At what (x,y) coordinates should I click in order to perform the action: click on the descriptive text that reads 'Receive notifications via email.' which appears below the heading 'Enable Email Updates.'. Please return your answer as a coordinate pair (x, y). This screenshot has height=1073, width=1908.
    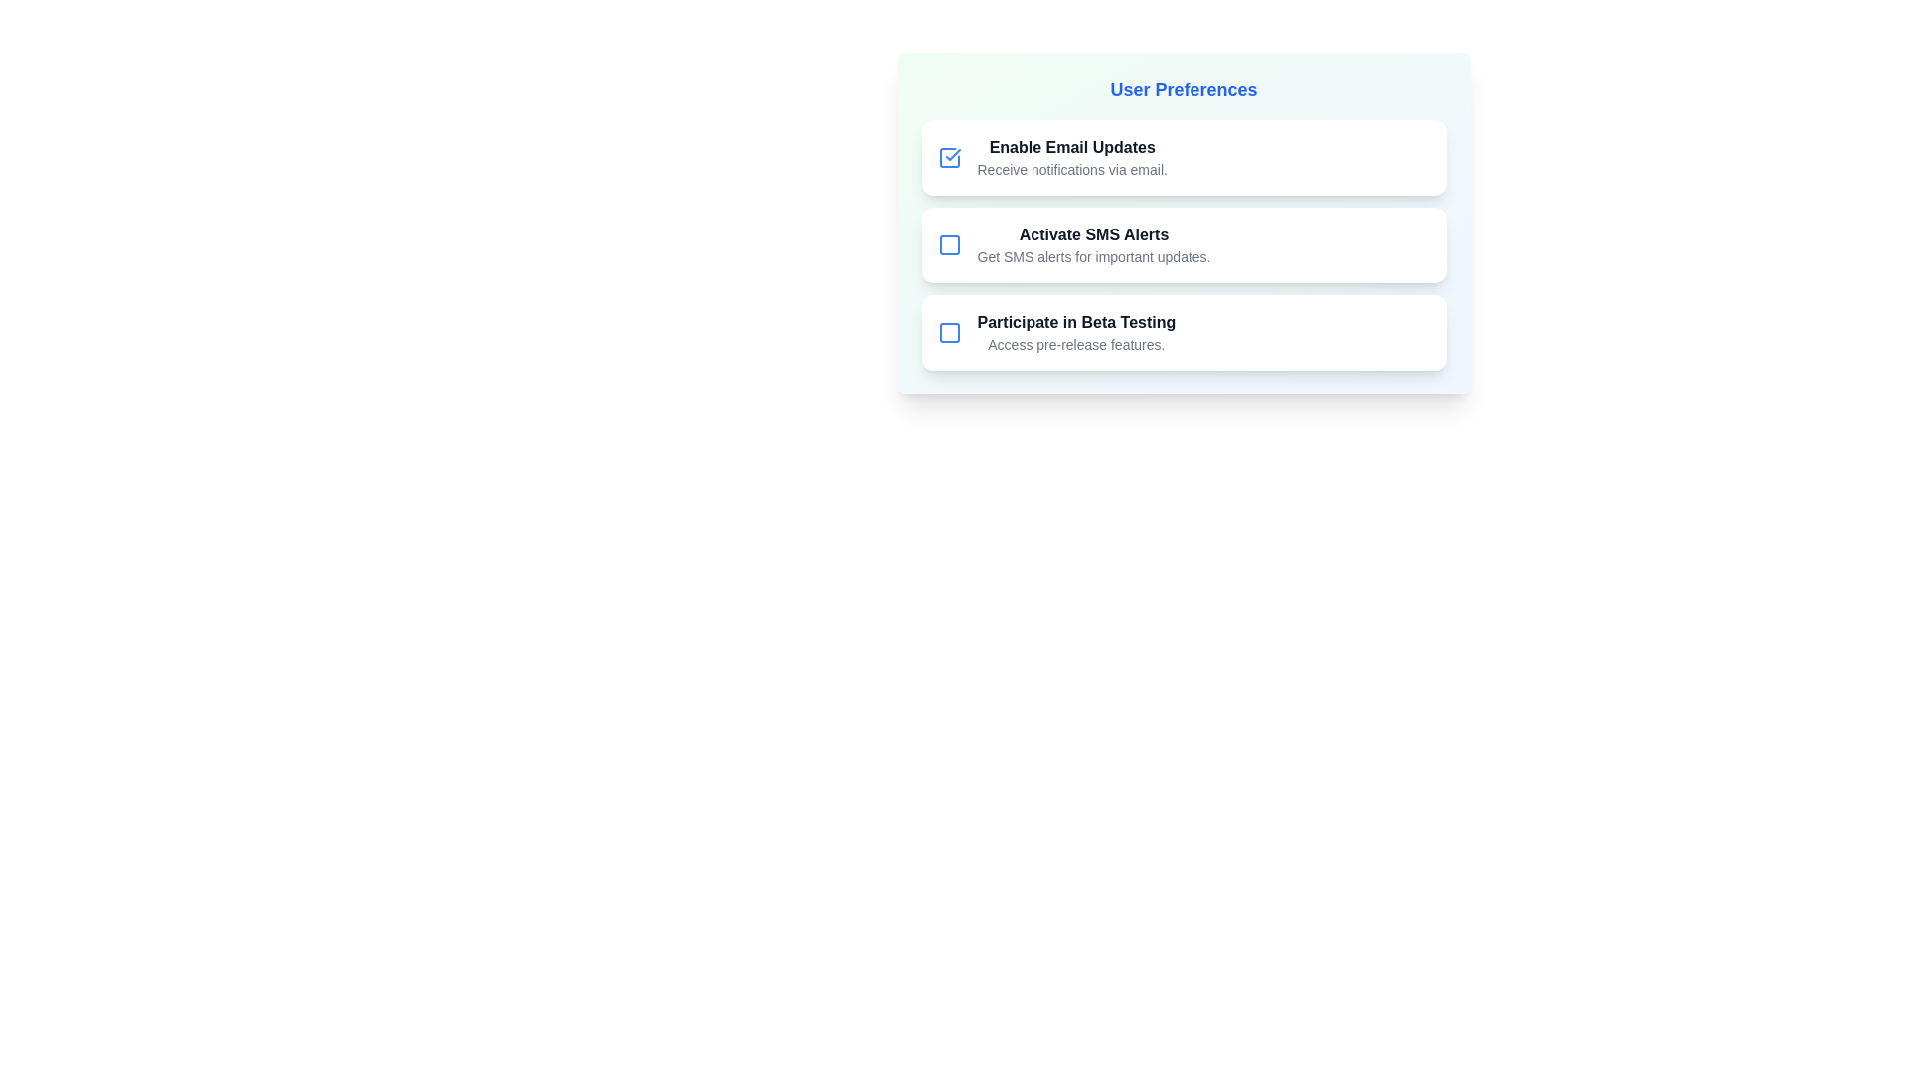
    Looking at the image, I should click on (1071, 168).